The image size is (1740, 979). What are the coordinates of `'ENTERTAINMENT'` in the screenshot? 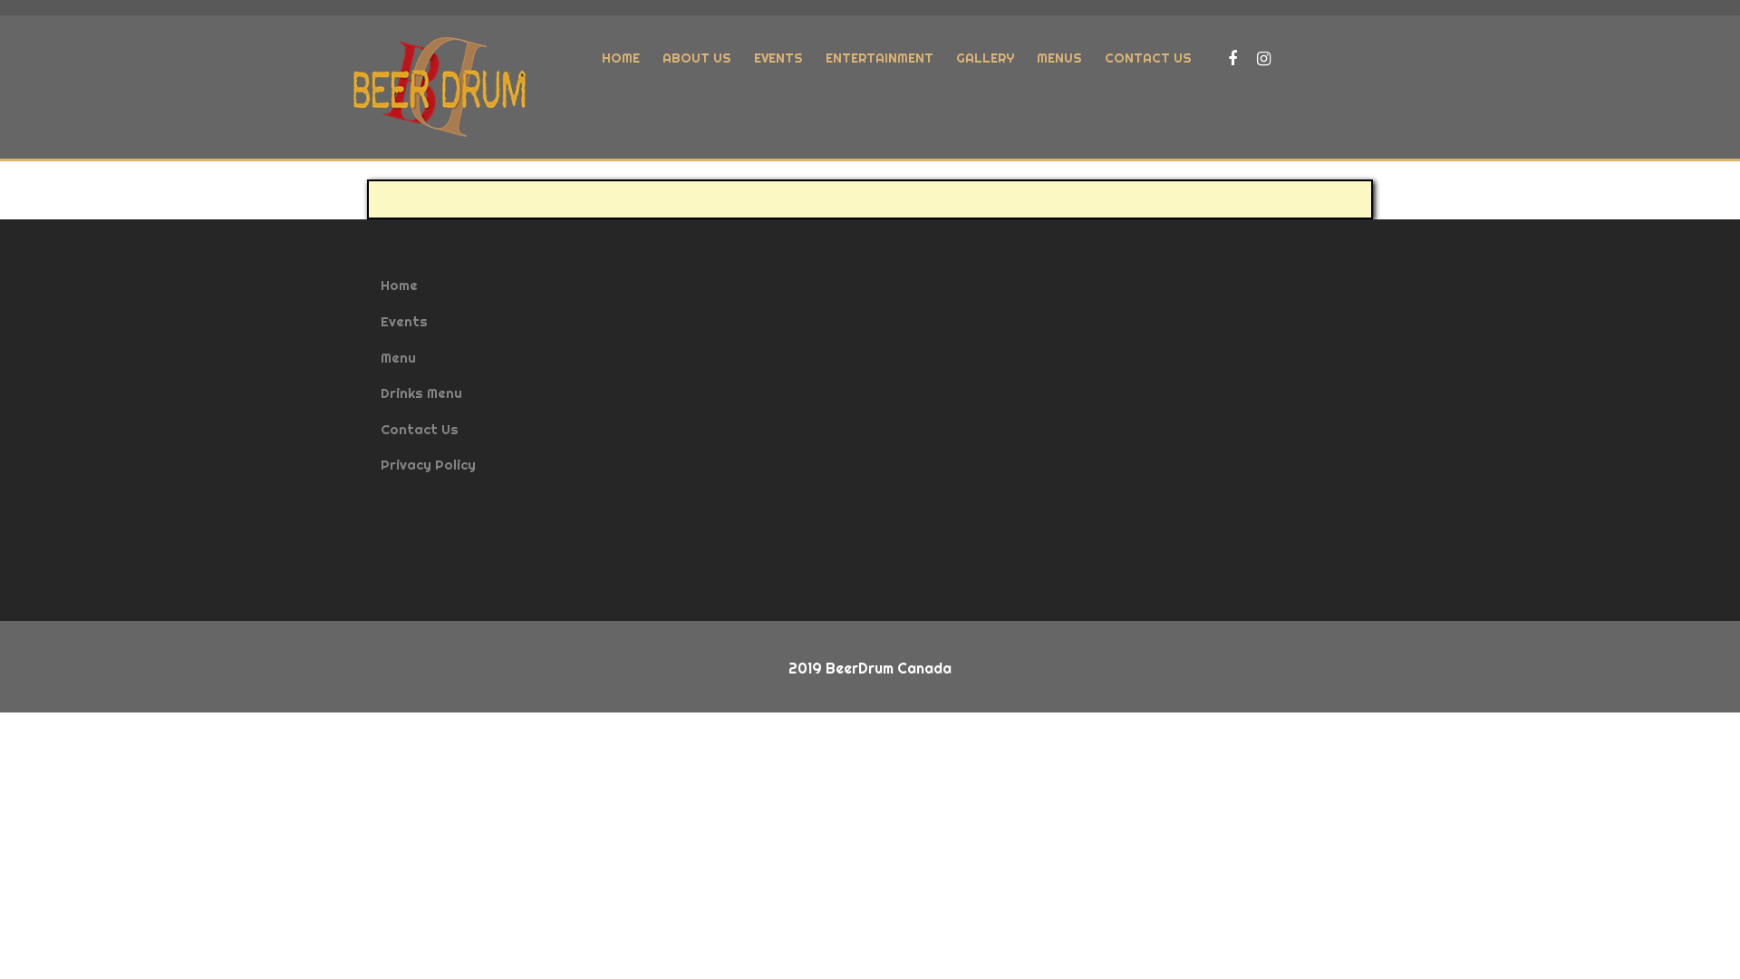 It's located at (879, 57).